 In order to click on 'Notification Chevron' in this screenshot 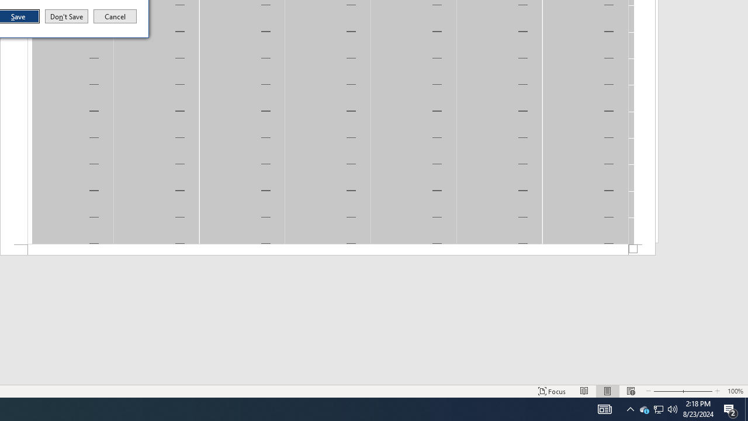, I will do `click(630, 408)`.